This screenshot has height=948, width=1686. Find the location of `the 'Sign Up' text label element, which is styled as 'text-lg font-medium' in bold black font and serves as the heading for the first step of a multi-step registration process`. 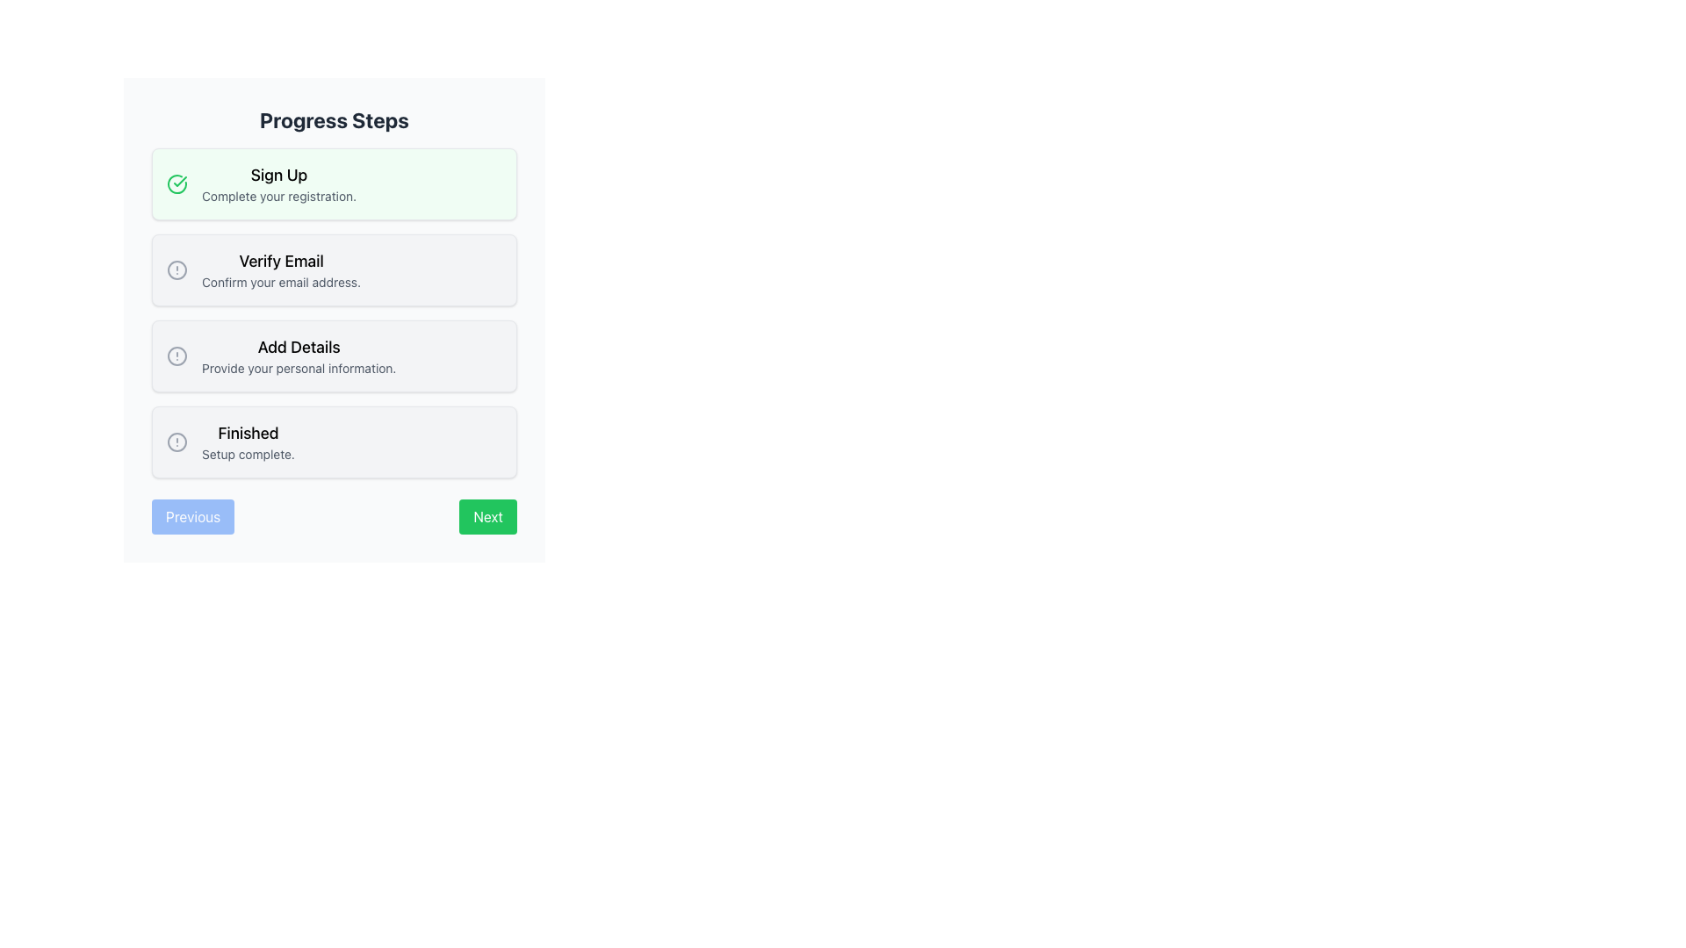

the 'Sign Up' text label element, which is styled as 'text-lg font-medium' in bold black font and serves as the heading for the first step of a multi-step registration process is located at coordinates (278, 176).